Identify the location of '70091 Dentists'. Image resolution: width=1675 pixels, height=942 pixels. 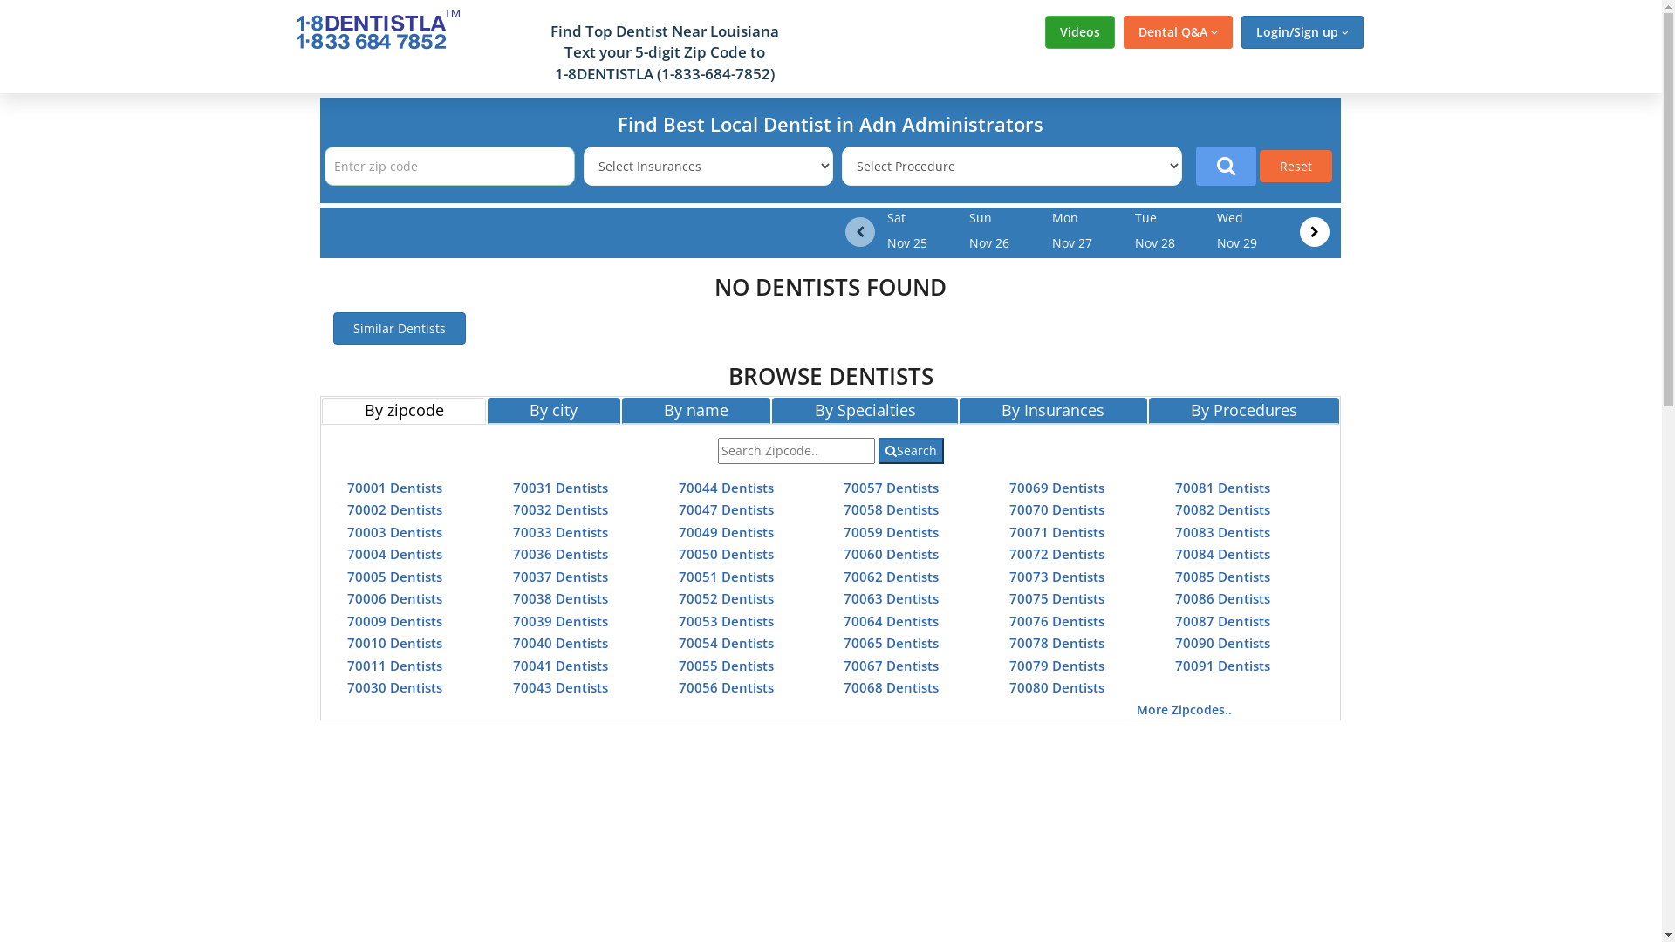
(1221, 665).